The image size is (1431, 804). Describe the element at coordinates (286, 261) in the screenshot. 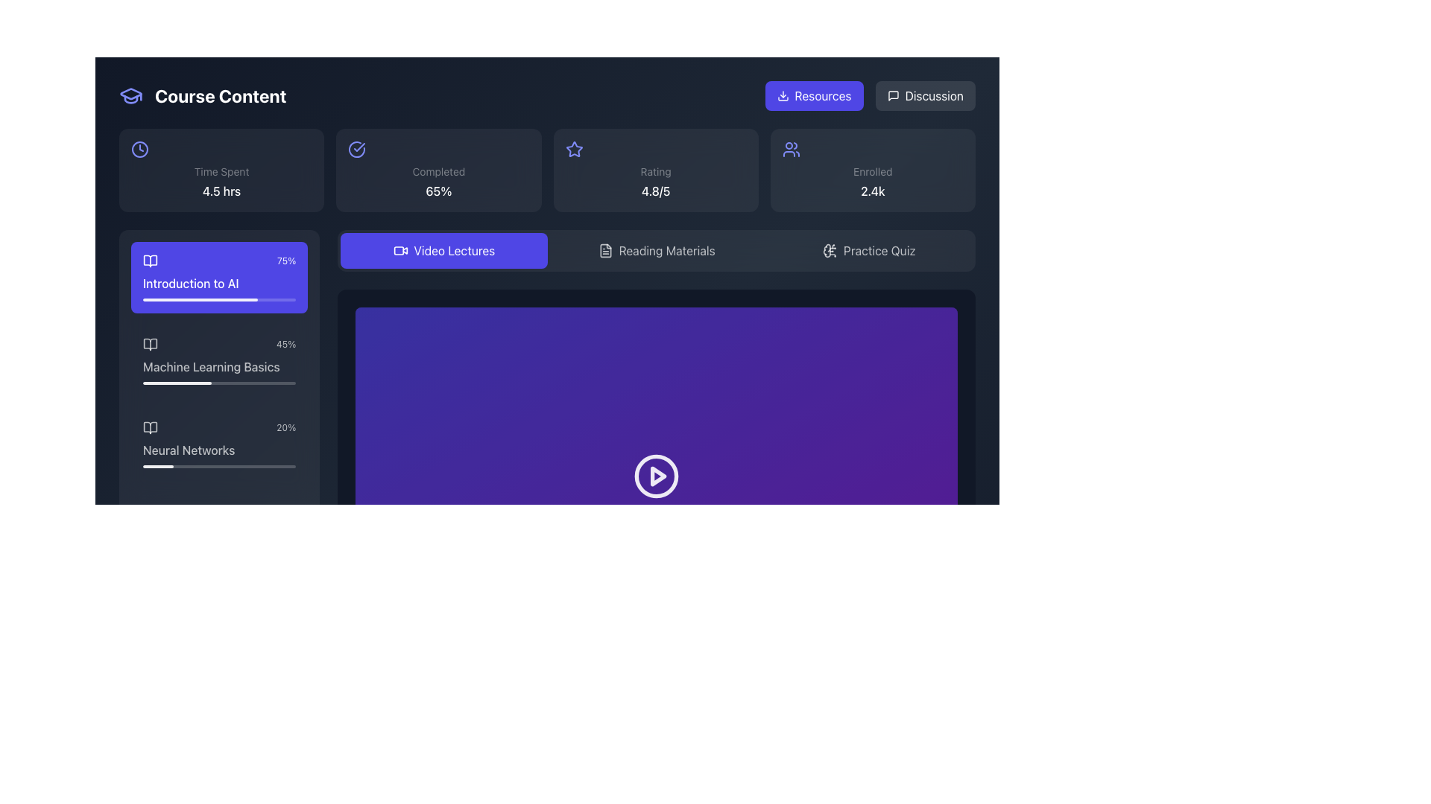

I see `the progress percentage label indicating the completion status of the 'Introduction to AI' section, located at the top-right corner of the purple-highlighted section` at that location.